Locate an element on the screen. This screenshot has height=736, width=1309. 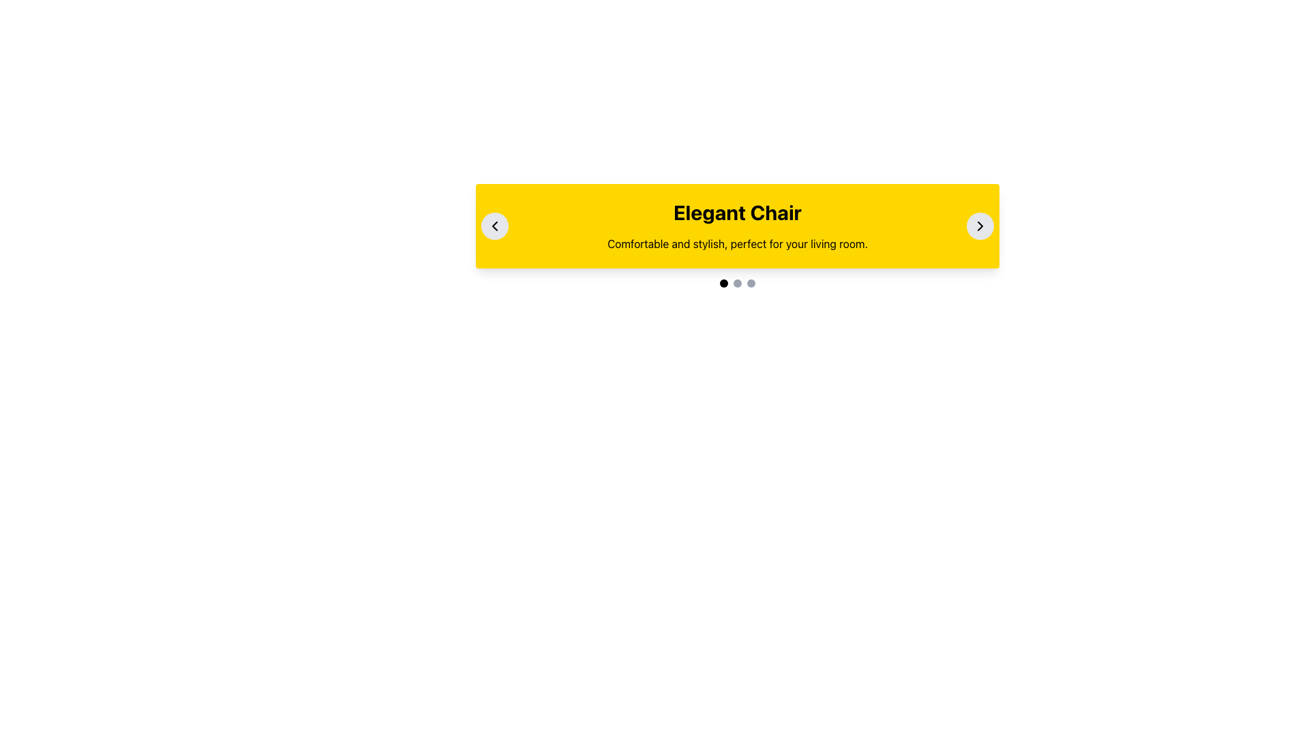
the second dot of the carousel indicator is located at coordinates (736, 283).